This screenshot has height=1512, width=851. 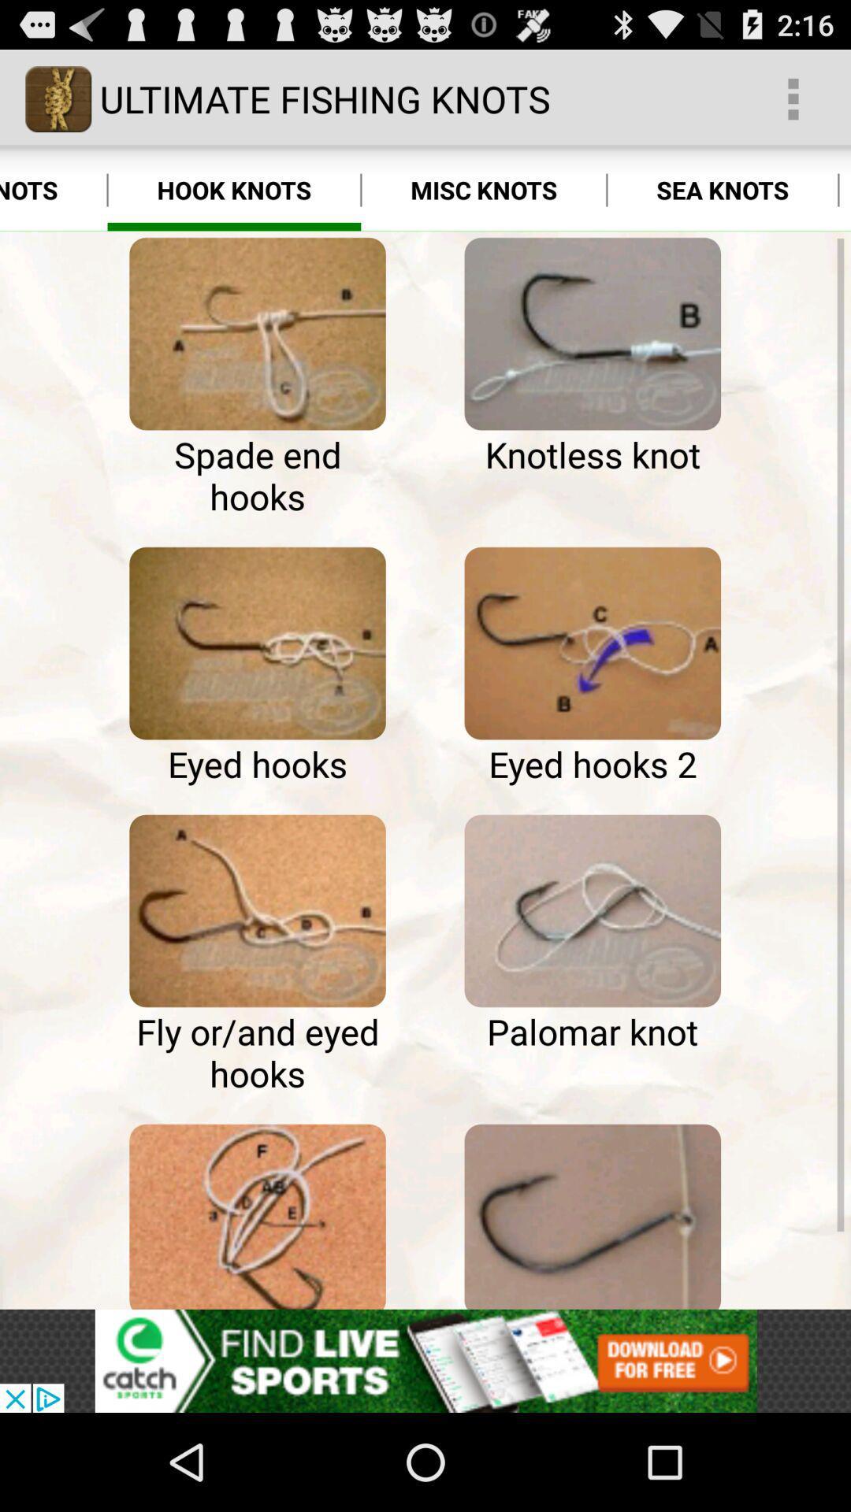 What do you see at coordinates (425, 1360) in the screenshot?
I see `advatisment` at bounding box center [425, 1360].